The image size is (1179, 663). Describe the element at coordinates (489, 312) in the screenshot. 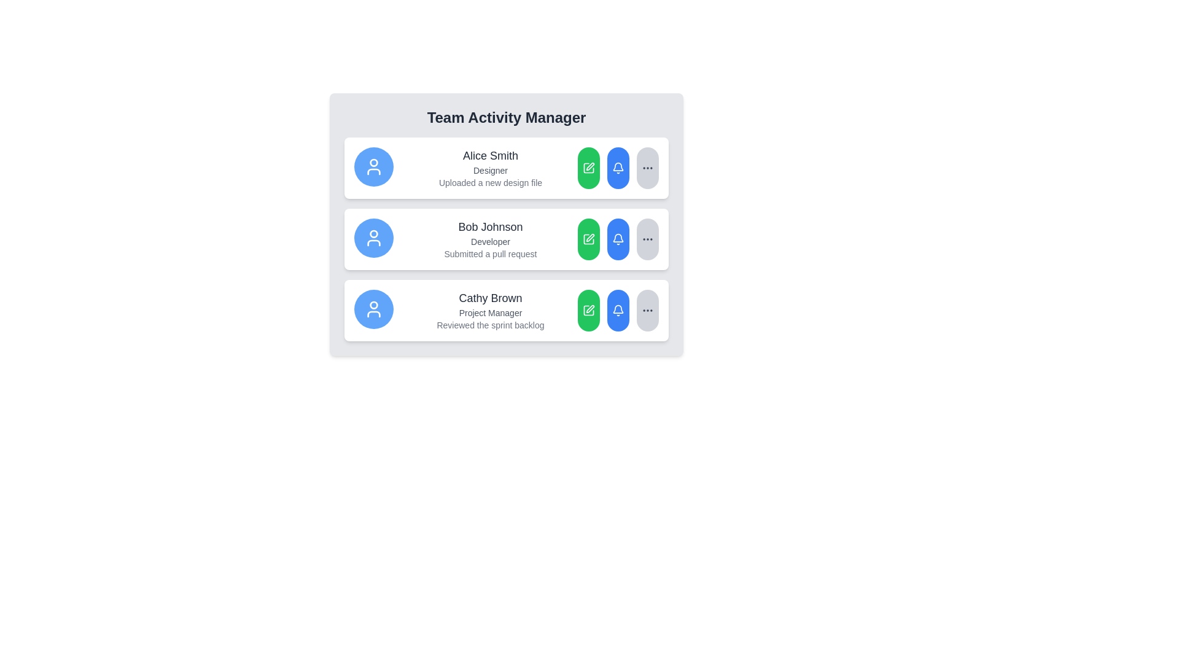

I see `the text label reading 'Project Manager' which is styled with a small font size and gray color tone, located in the middle of the third user entry in the list, below 'Cathy Brown' and above 'Reviewed the sprint backlog.'` at that location.